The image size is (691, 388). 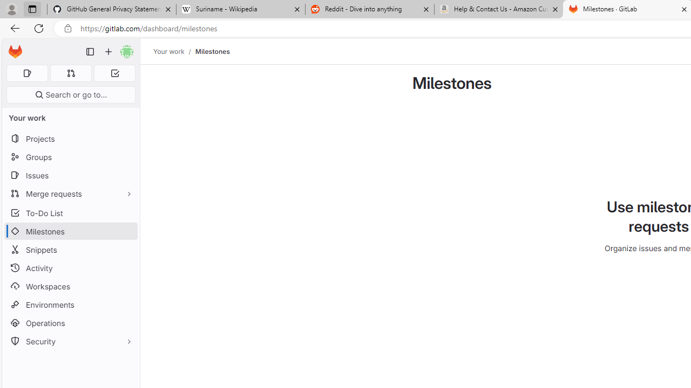 What do you see at coordinates (15, 52) in the screenshot?
I see `'Homepage'` at bounding box center [15, 52].